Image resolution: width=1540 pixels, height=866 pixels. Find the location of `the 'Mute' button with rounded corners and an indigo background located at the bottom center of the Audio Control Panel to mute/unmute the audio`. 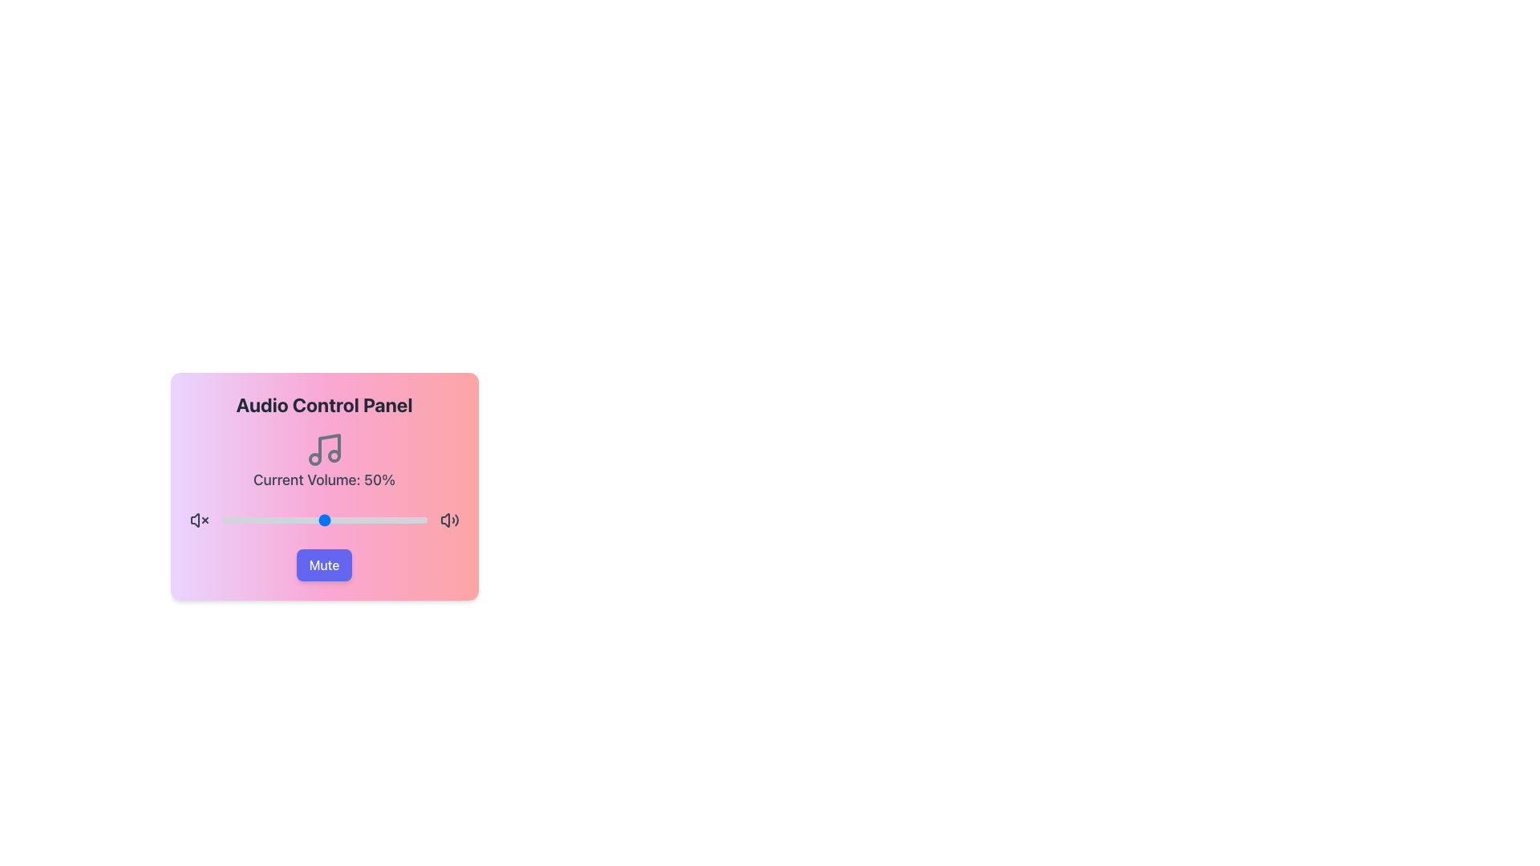

the 'Mute' button with rounded corners and an indigo background located at the bottom center of the Audio Control Panel to mute/unmute the audio is located at coordinates (323, 565).